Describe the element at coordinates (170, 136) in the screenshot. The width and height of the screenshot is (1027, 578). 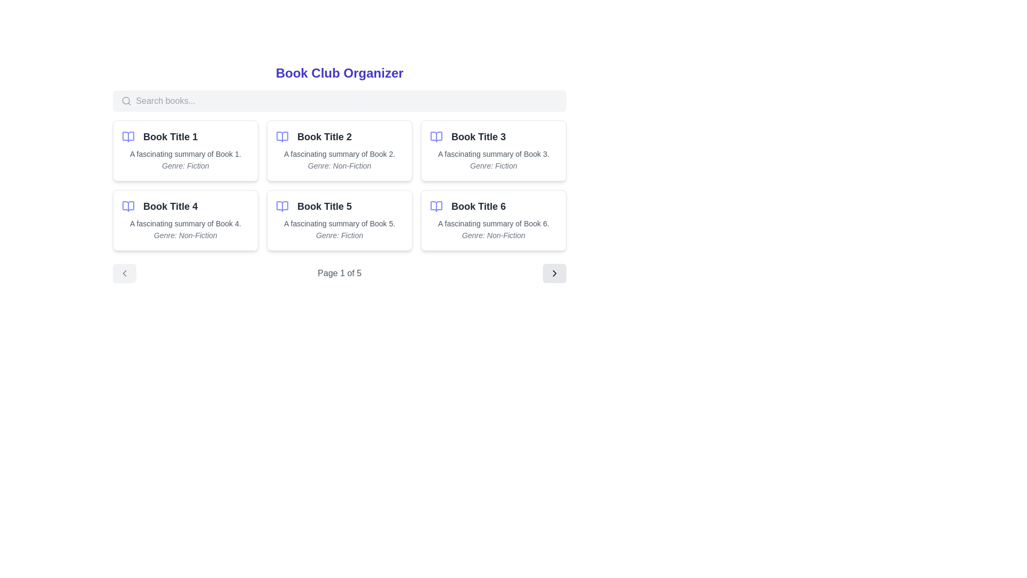
I see `the text element displaying 'Book Title 1' for additional information about the book` at that location.